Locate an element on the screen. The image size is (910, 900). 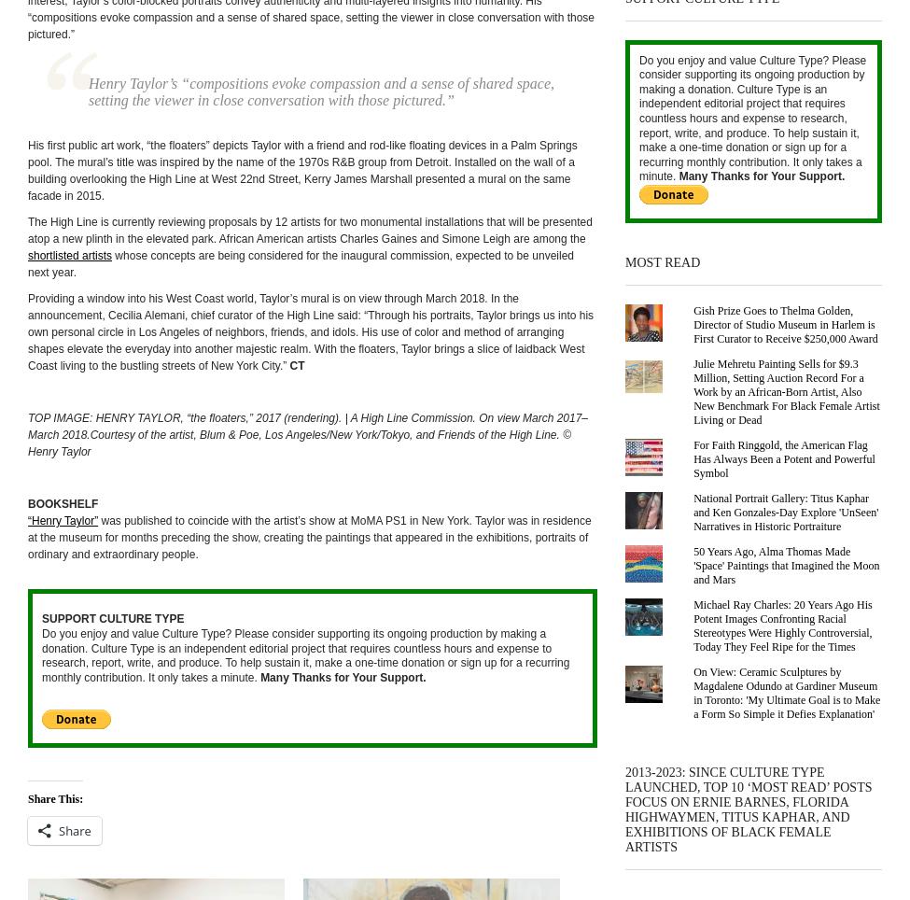
'National Portrait Gallery: Titus Kaphar and Ken Gonzales-Day Explore 'UnSeen' Narratives in Historic Portraiture' is located at coordinates (693, 512).